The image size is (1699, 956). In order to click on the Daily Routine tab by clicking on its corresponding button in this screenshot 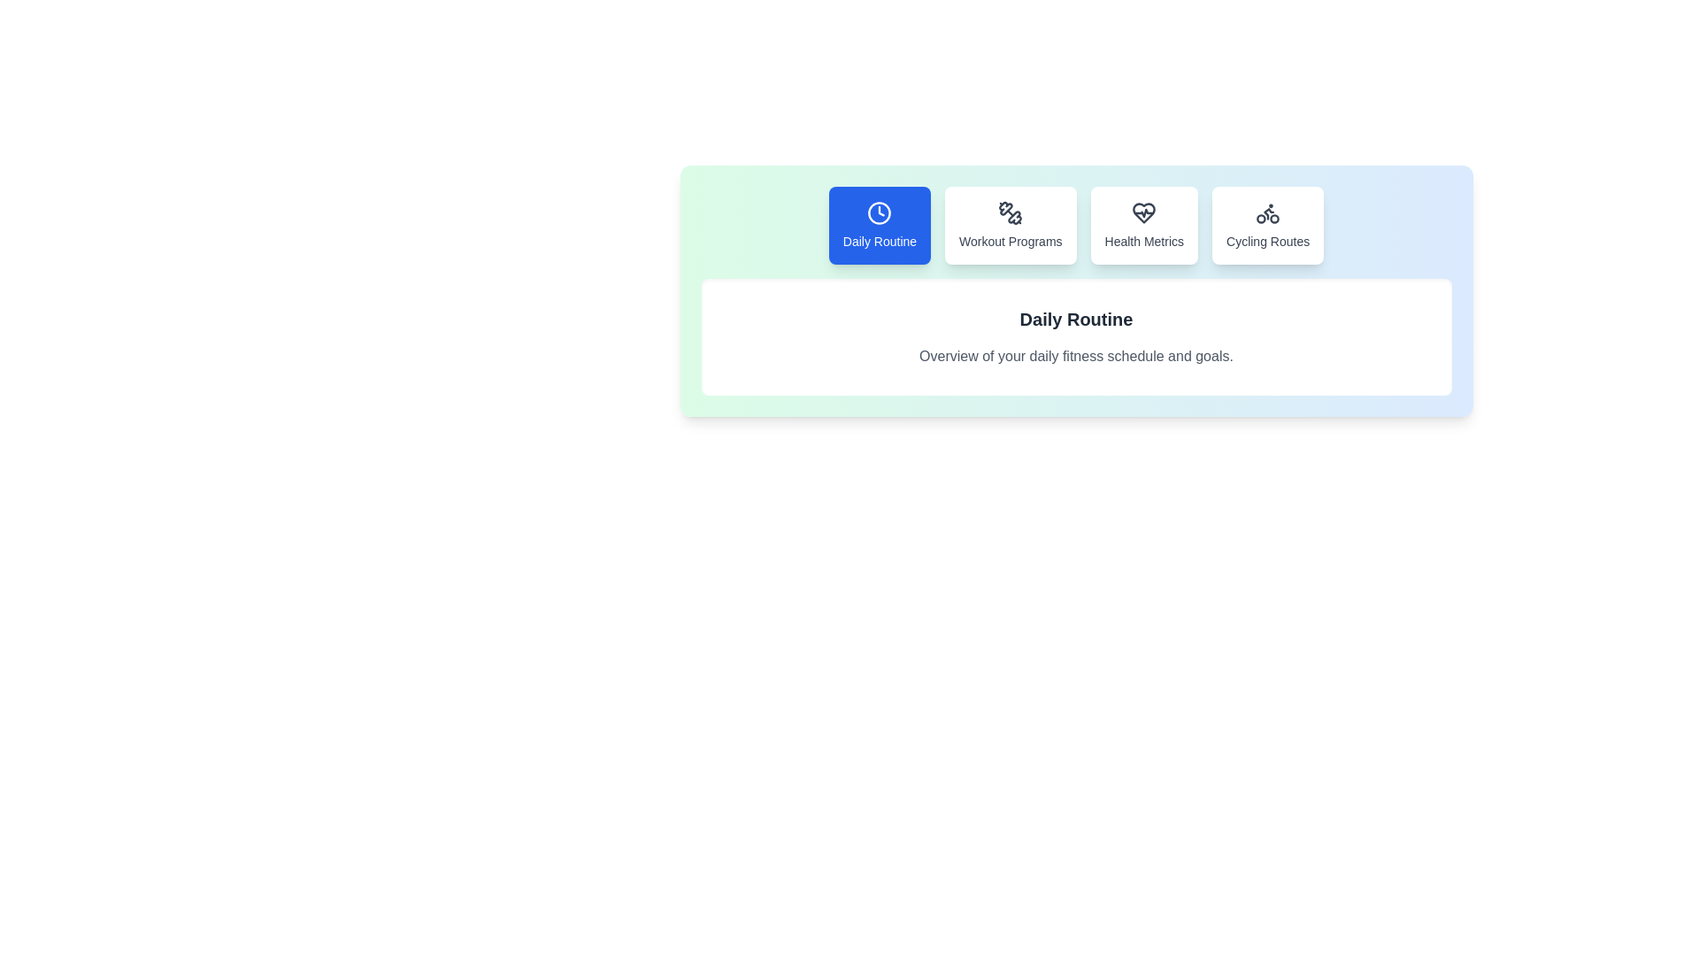, I will do `click(880, 224)`.